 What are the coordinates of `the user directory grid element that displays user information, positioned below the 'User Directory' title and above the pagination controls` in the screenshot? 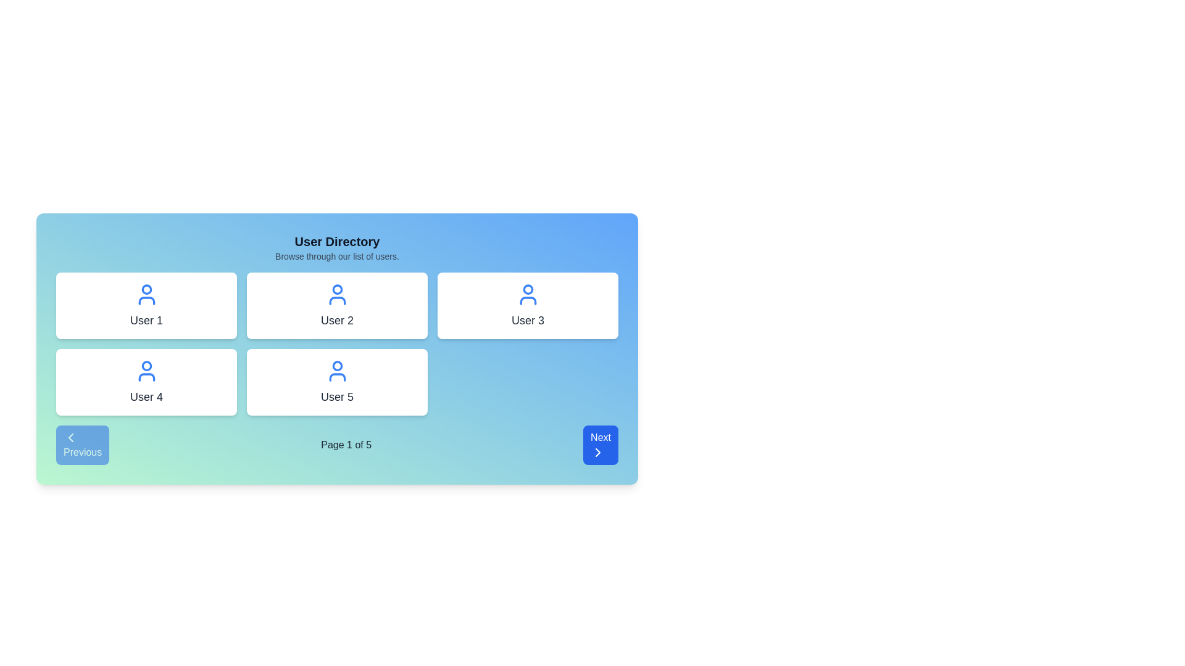 It's located at (337, 344).